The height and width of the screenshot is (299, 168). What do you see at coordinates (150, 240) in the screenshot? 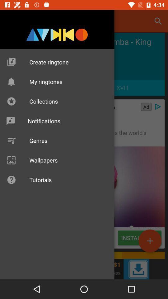
I see `the add icon` at bounding box center [150, 240].